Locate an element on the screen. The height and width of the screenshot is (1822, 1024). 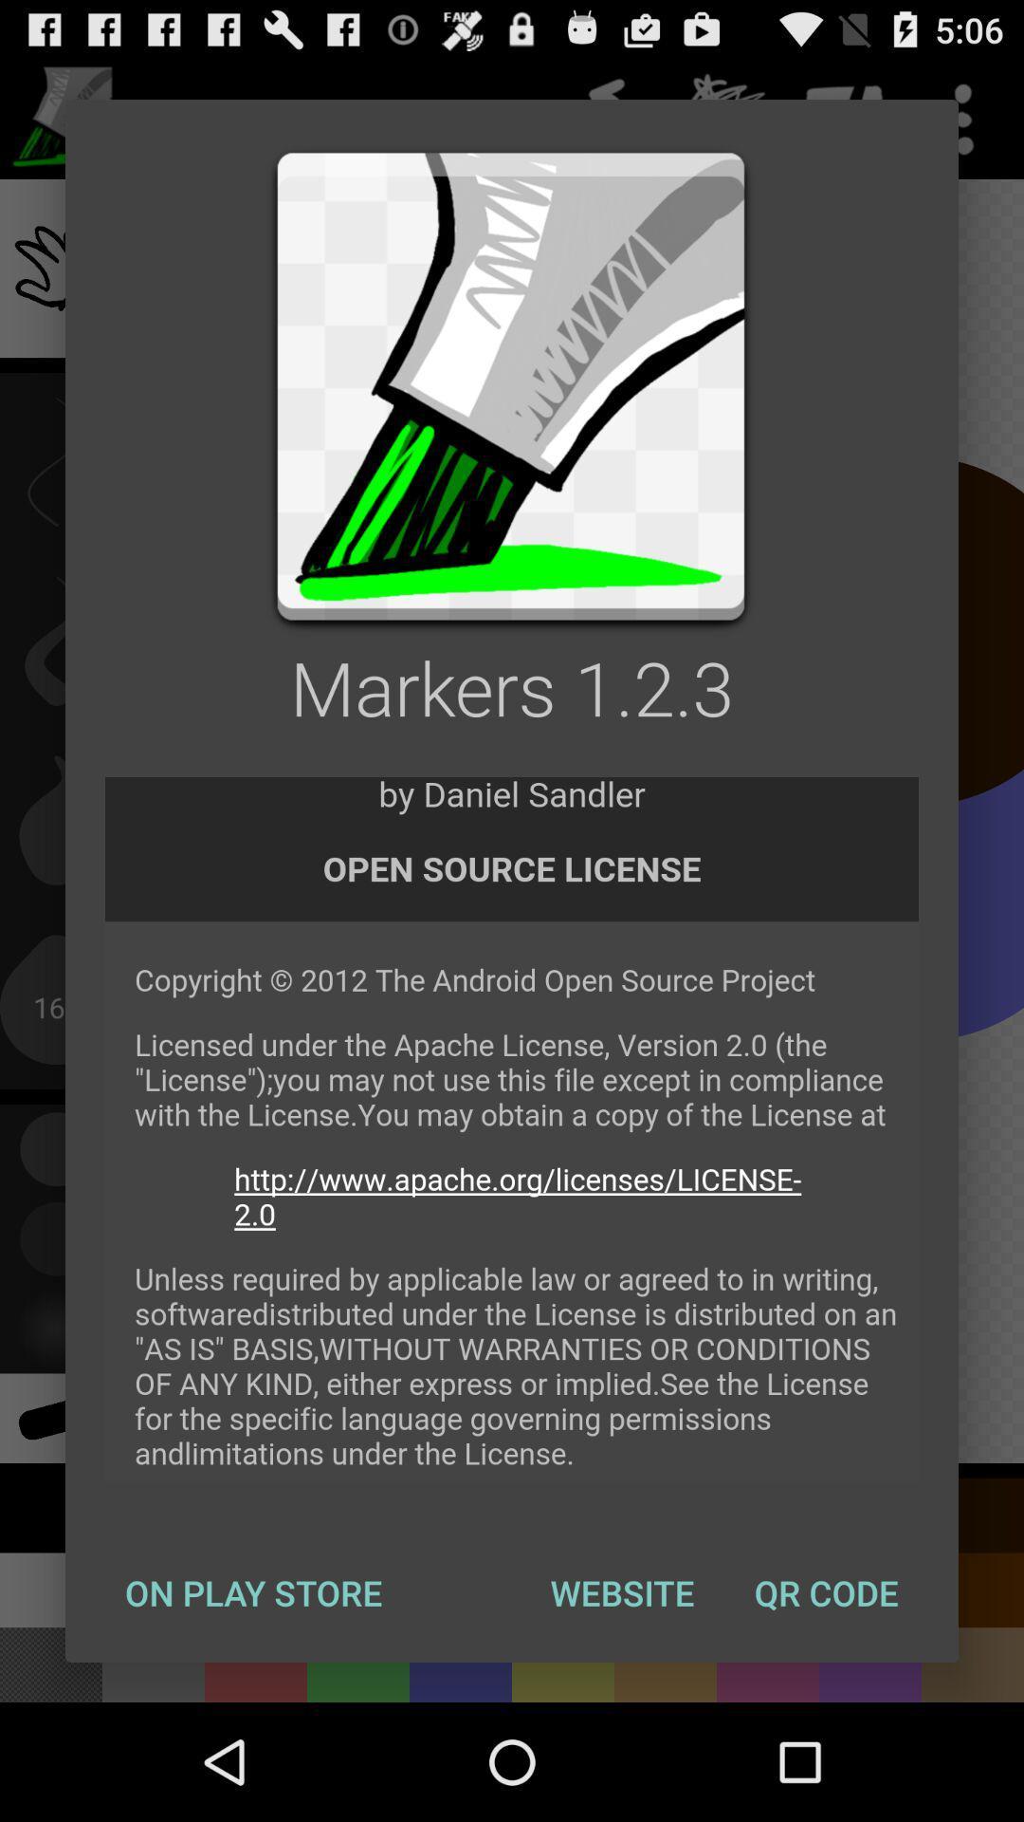
license box is located at coordinates (512, 1129).